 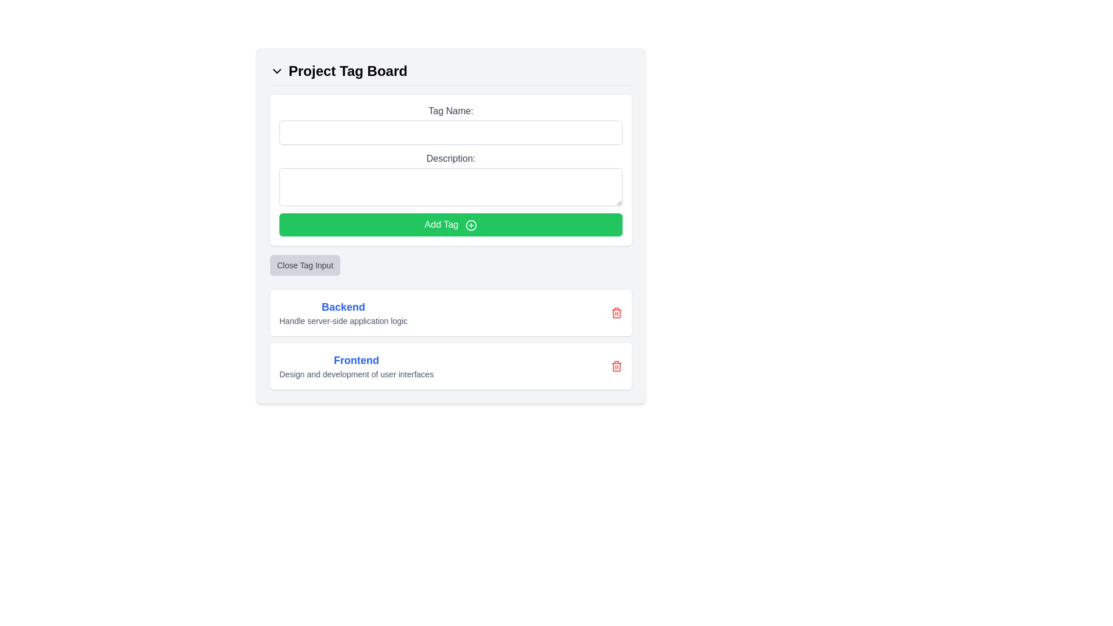 I want to click on the text label displaying 'Design and development of user interfaces', which is located beneath the 'Frontend' title in a smaller gray font, so click(x=356, y=374).